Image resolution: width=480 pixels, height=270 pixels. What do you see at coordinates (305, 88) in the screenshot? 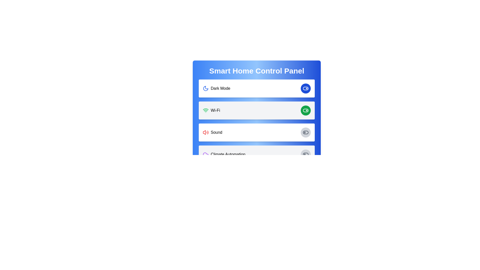
I see `the toggle switch for 'Dark Mode' in the top-right corner of the first list item` at bounding box center [305, 88].